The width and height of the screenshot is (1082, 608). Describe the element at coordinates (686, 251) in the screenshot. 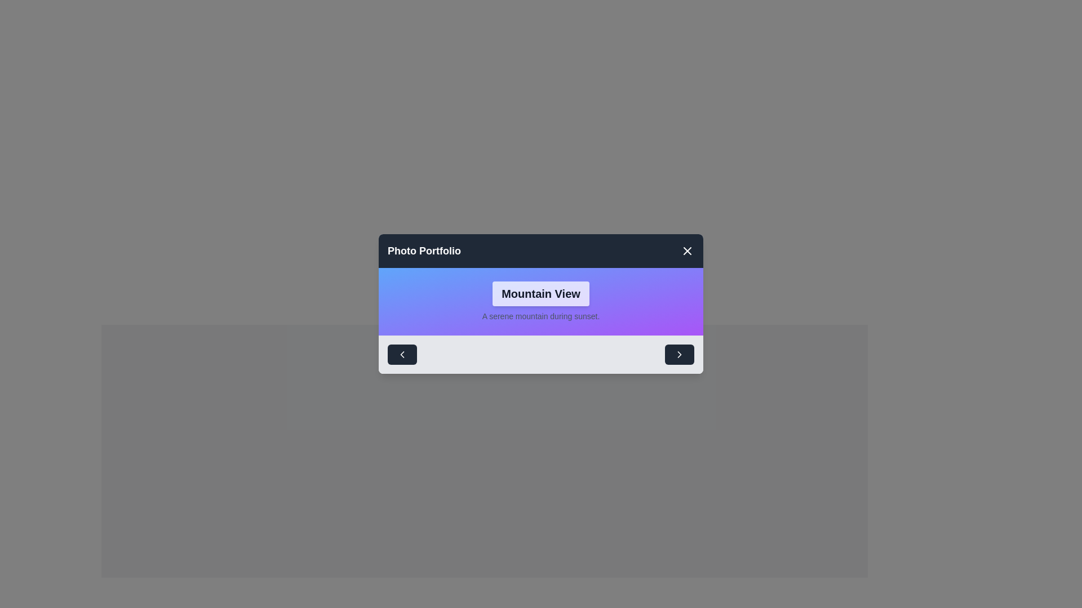

I see `the close button (cross icon) located in the top-right corner of the dark navy panel labeled 'Photo Portfolio'` at that location.